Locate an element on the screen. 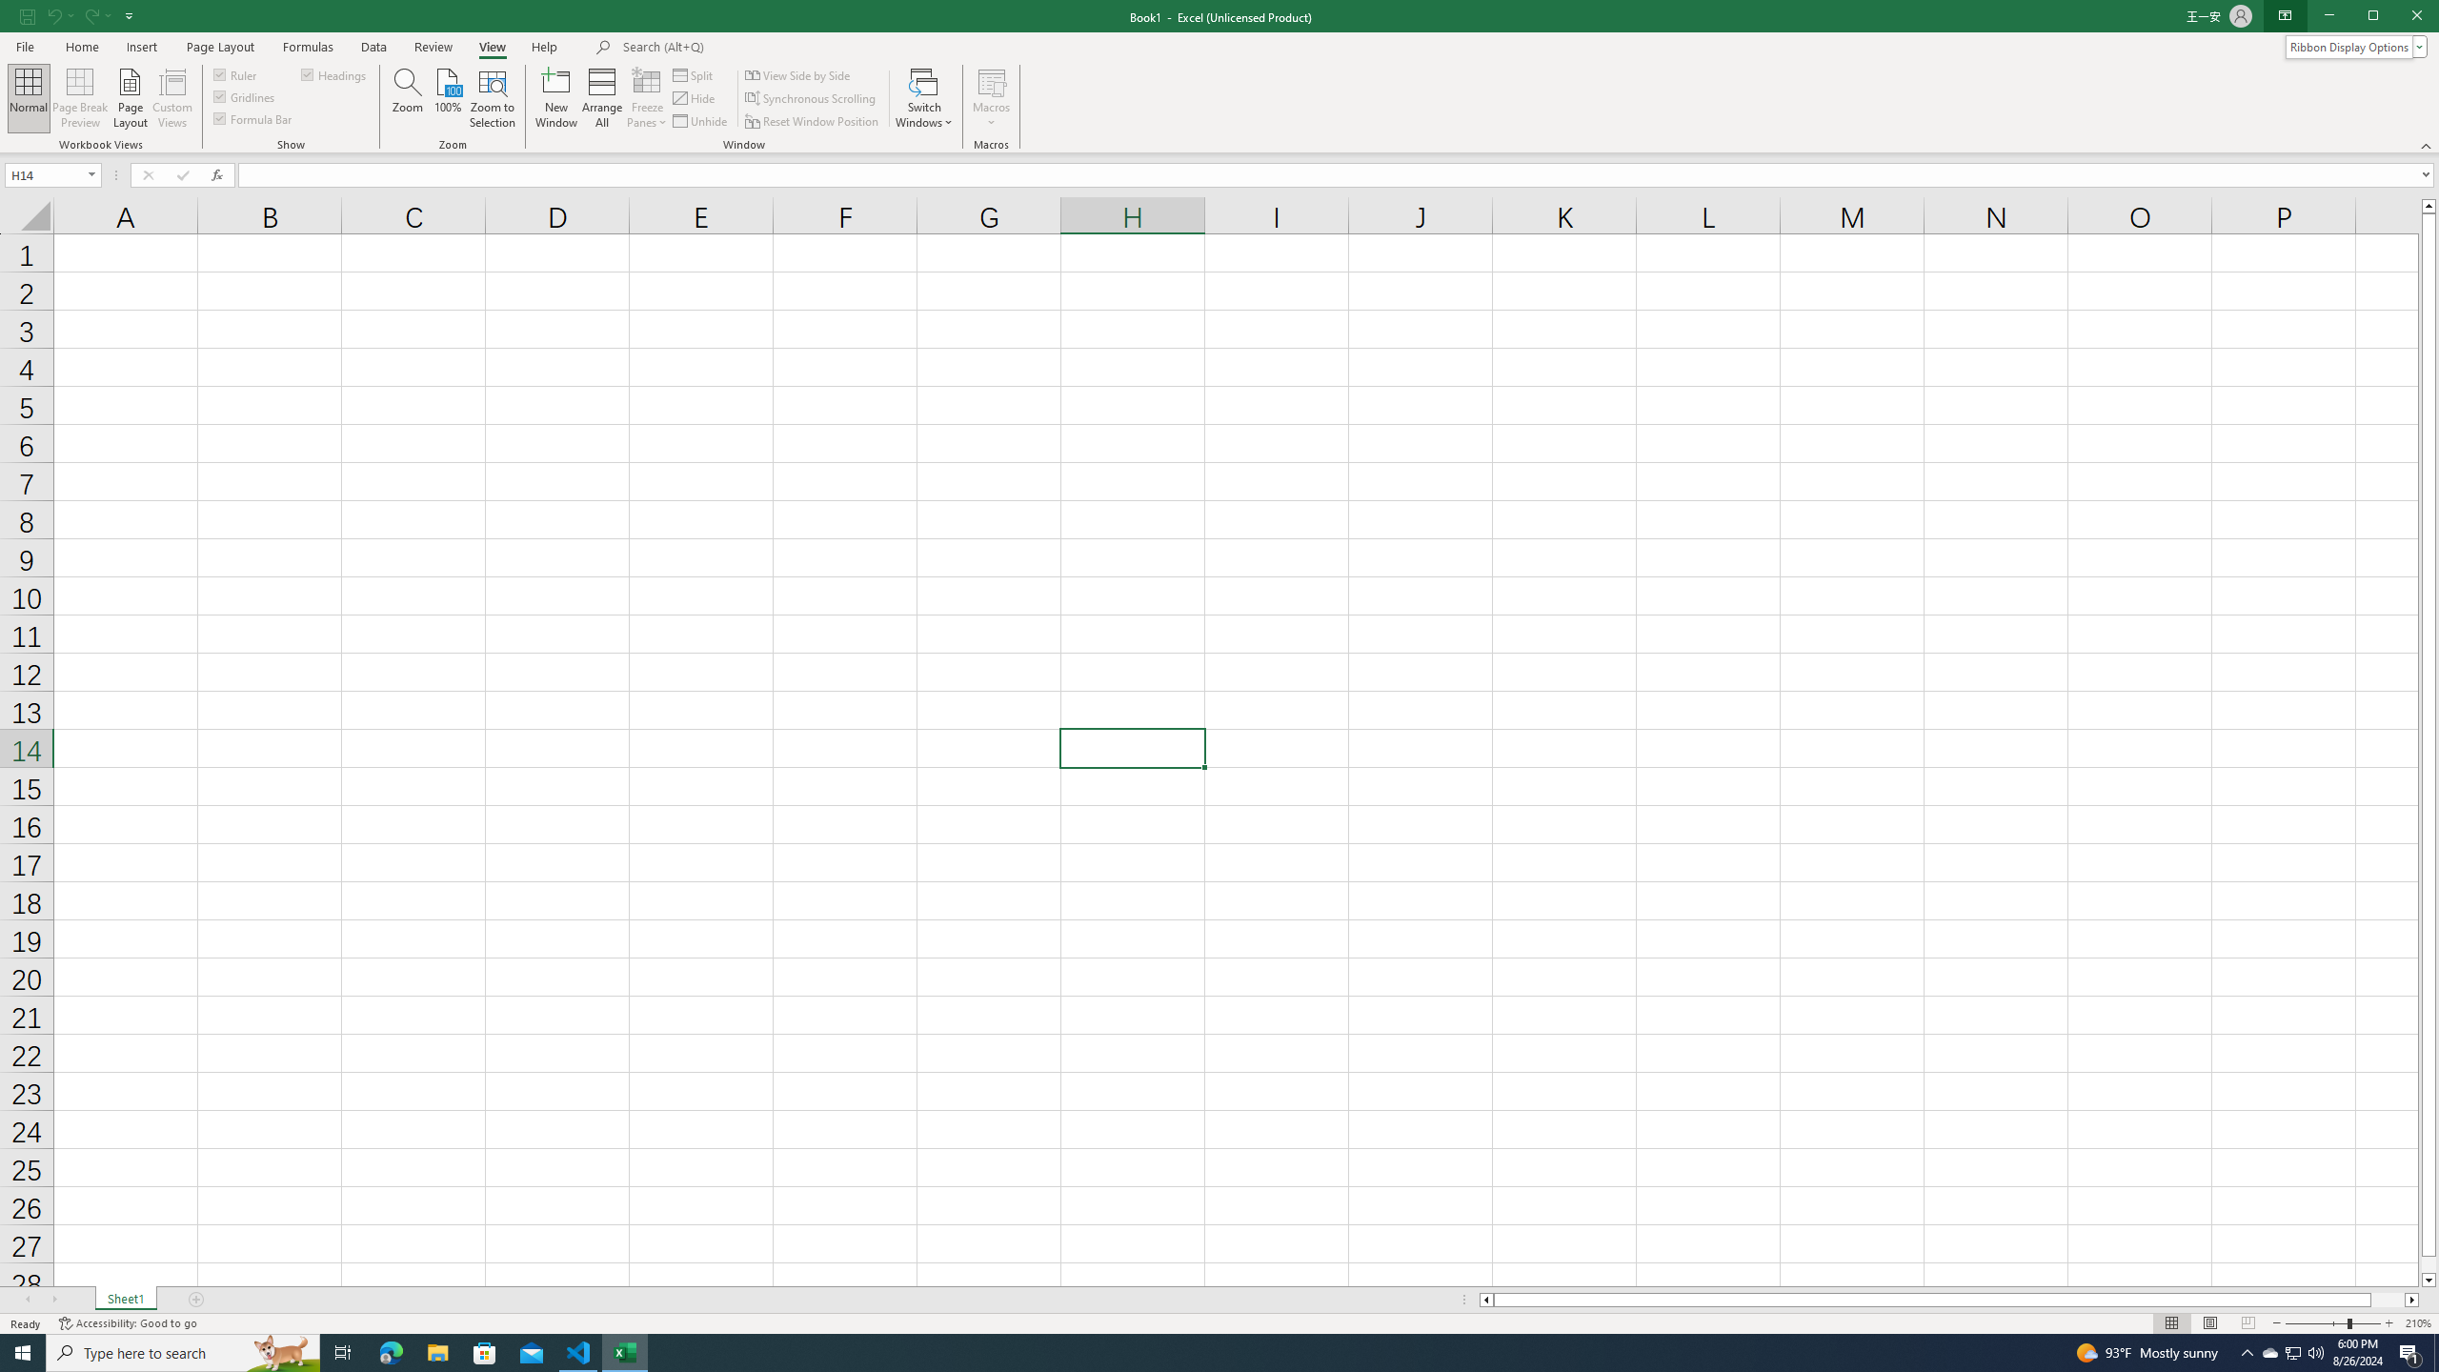  'Zoom to Selection' is located at coordinates (493, 98).